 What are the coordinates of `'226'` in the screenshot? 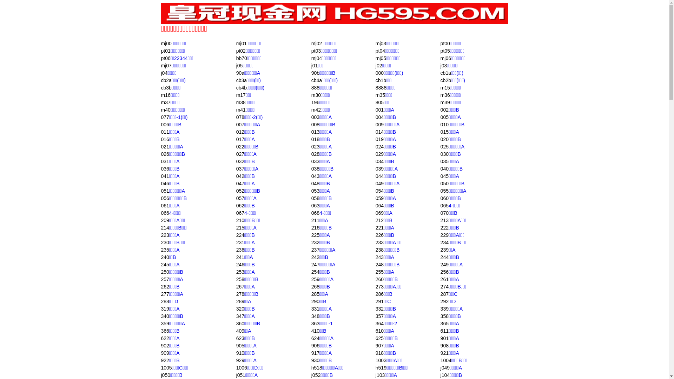 It's located at (379, 235).